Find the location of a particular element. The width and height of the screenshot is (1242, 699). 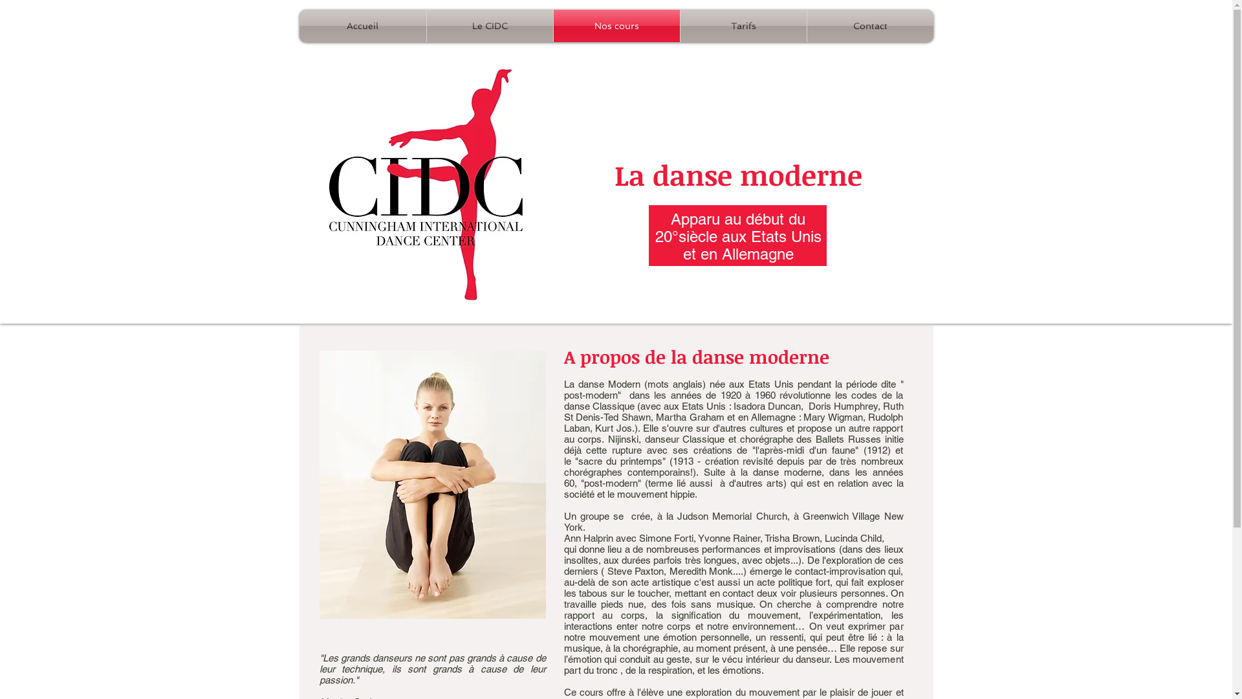

'Le CIDC' is located at coordinates (489, 25).